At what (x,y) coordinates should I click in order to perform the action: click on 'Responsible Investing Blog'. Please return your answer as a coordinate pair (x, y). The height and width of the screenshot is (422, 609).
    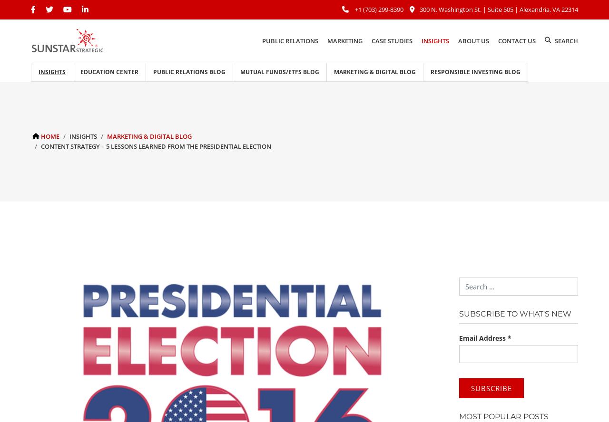
    Looking at the image, I should click on (475, 71).